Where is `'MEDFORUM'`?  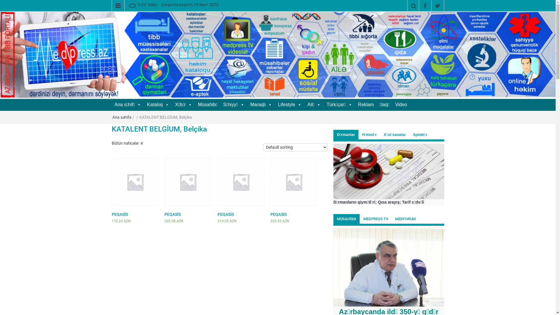
'MEDFORUM' is located at coordinates (405, 219).